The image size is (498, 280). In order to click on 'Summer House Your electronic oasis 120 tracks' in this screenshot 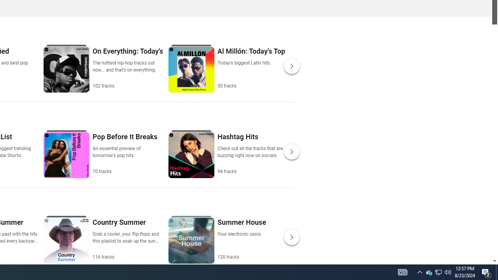, I will do `click(241, 238)`.